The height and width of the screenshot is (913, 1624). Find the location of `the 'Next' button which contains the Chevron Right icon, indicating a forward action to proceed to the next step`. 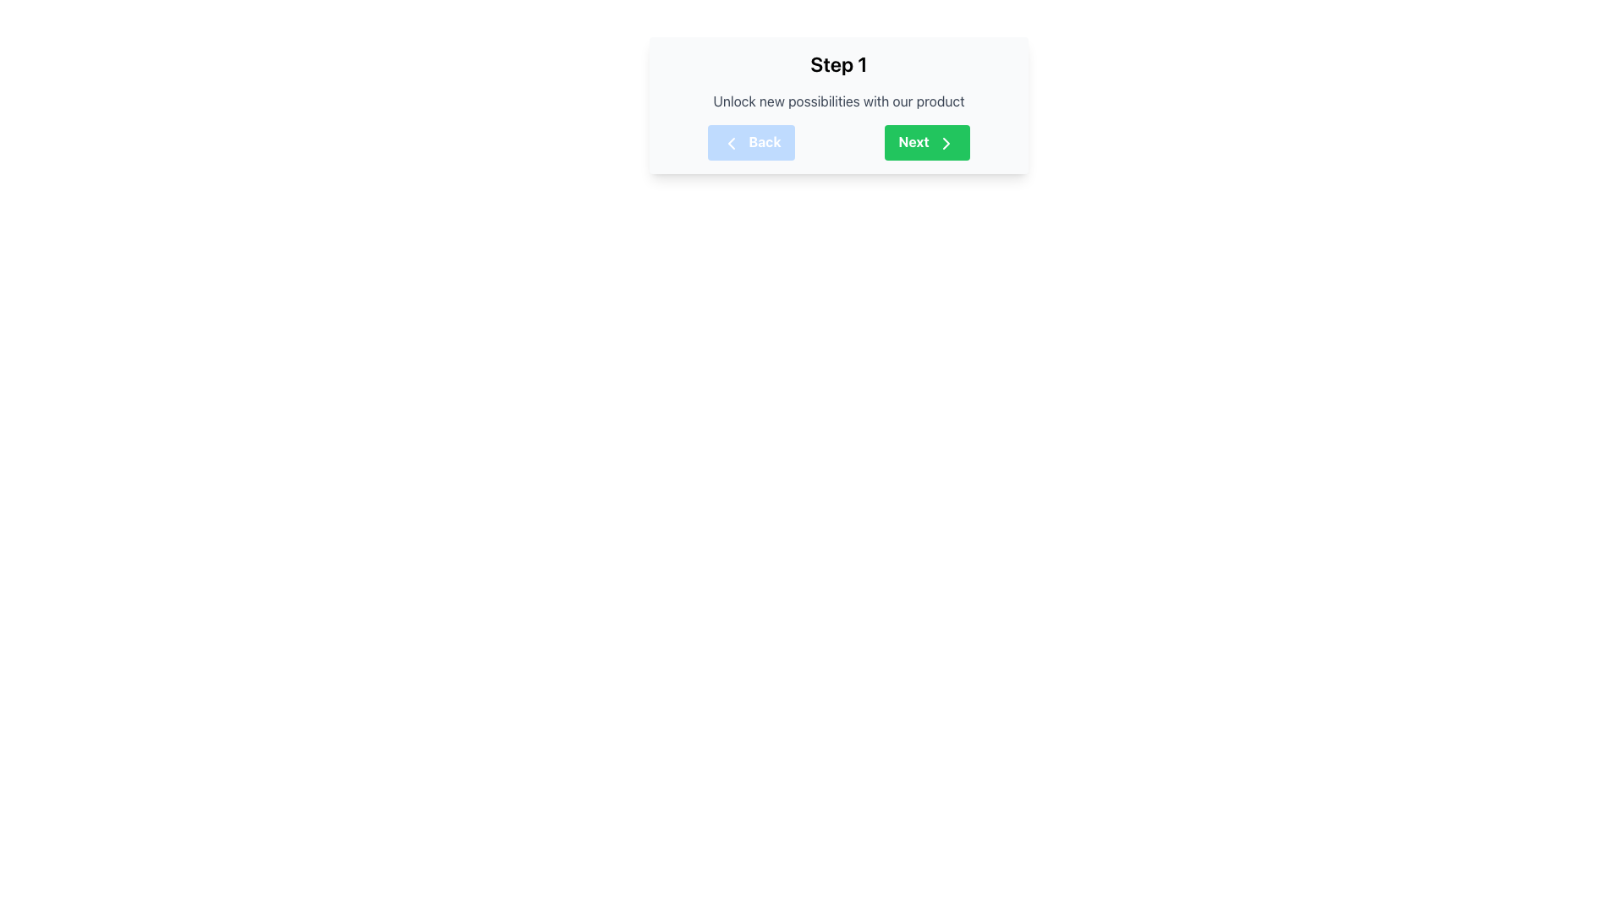

the 'Next' button which contains the Chevron Right icon, indicating a forward action to proceed to the next step is located at coordinates (945, 142).